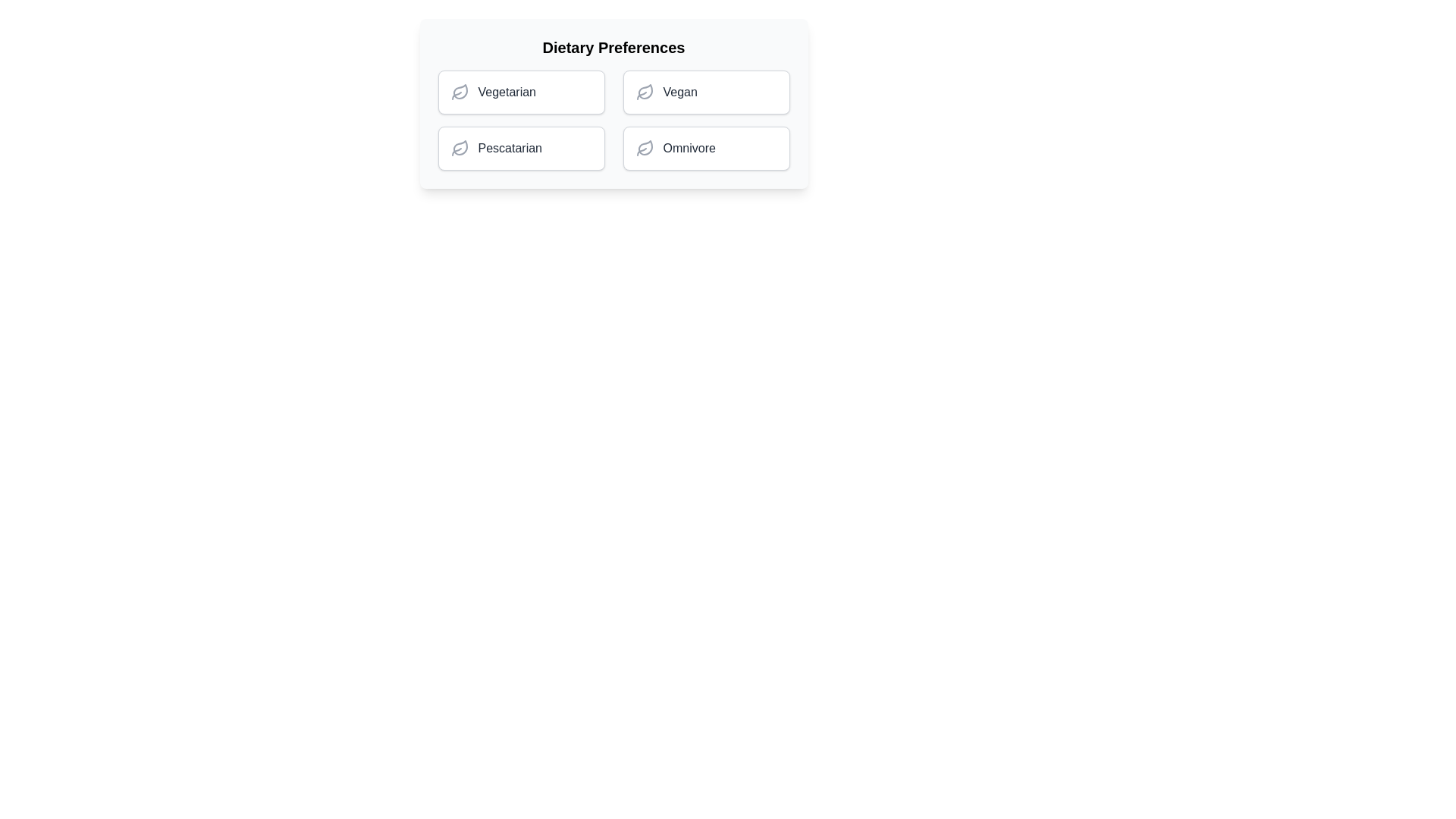 The height and width of the screenshot is (819, 1456). What do you see at coordinates (641, 96) in the screenshot?
I see `the small curved line of the SVG graphic that is part of the 'Vegan' button, positioned at the top-right of the grid under 'Dietary Preferences'` at bounding box center [641, 96].